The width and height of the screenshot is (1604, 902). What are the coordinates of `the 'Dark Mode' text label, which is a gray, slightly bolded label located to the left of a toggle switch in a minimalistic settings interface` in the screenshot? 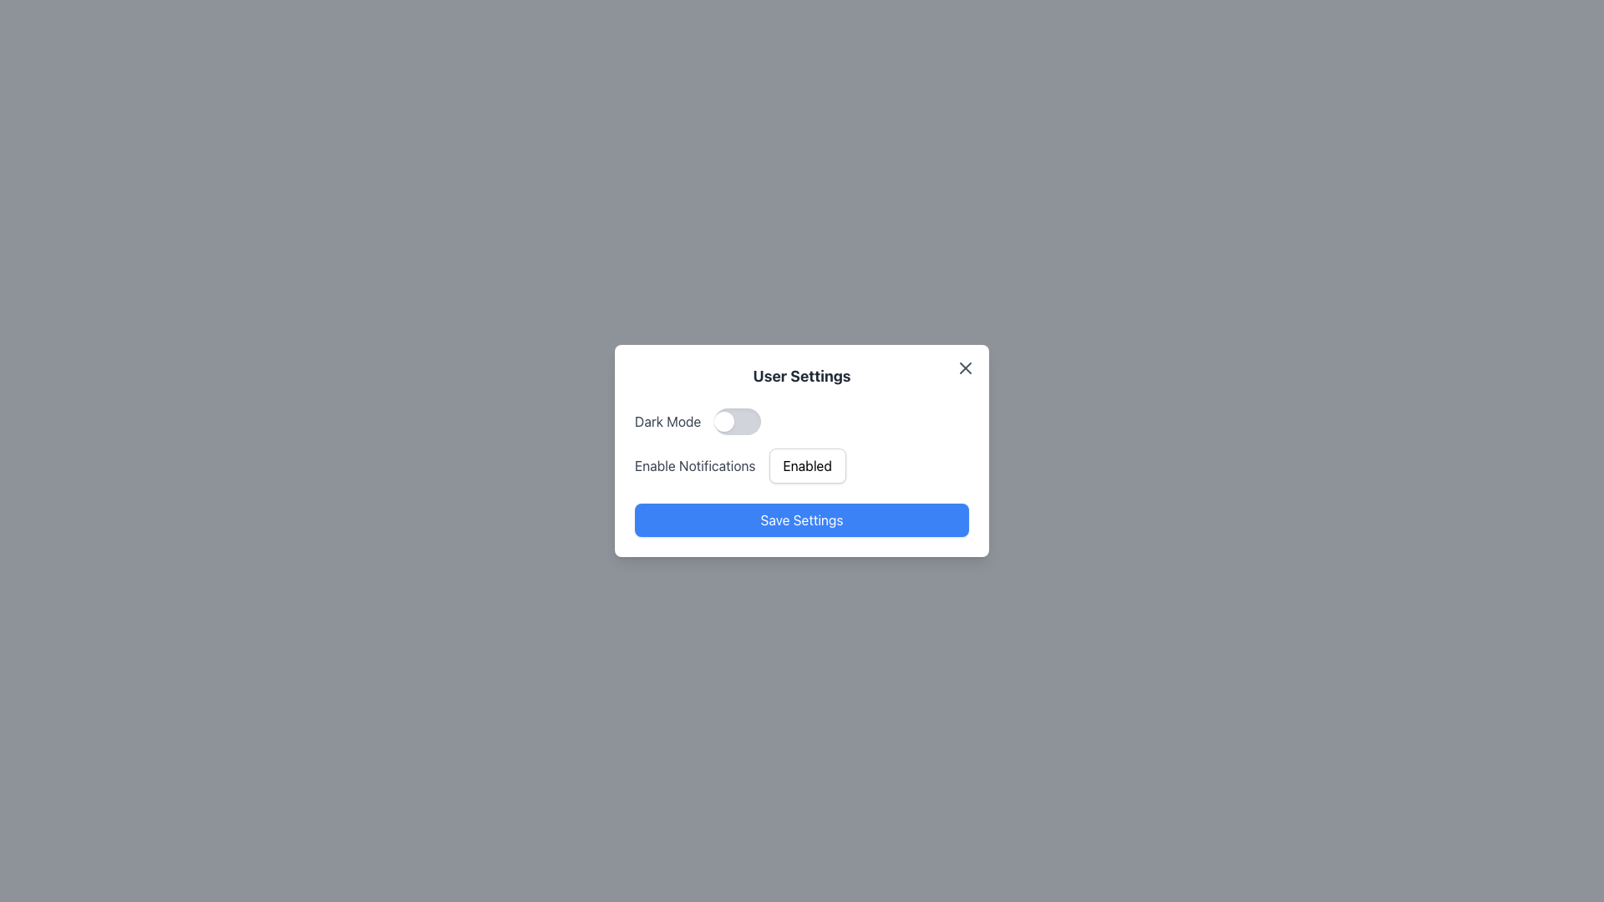 It's located at (667, 421).